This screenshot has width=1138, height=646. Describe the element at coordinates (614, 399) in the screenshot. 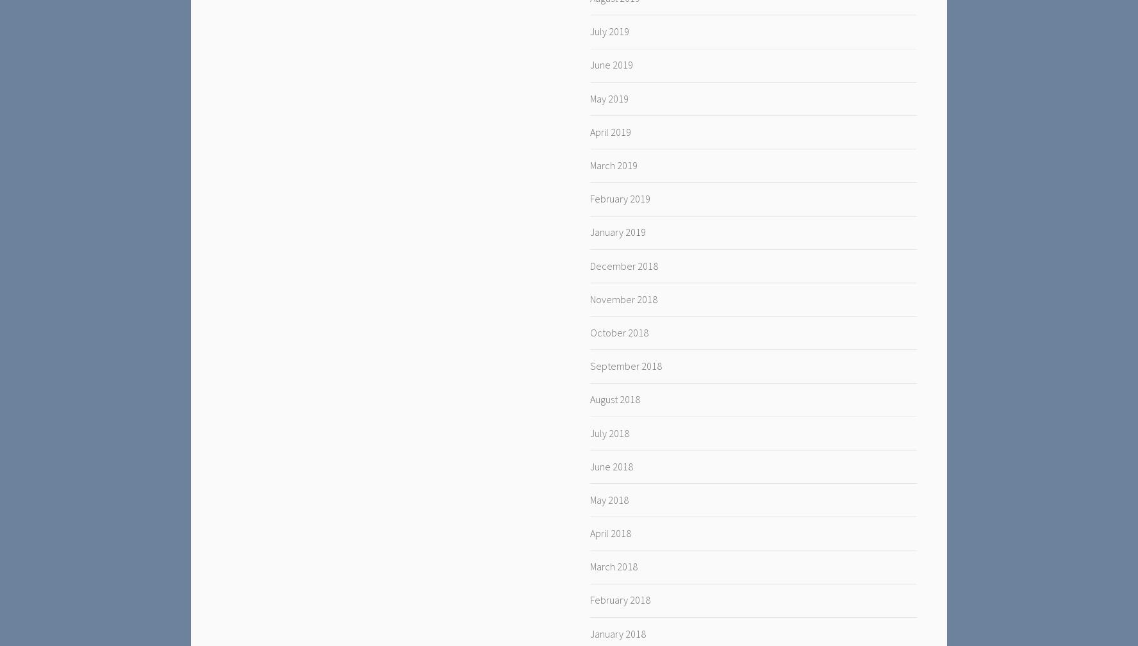

I see `'August 2018'` at that location.